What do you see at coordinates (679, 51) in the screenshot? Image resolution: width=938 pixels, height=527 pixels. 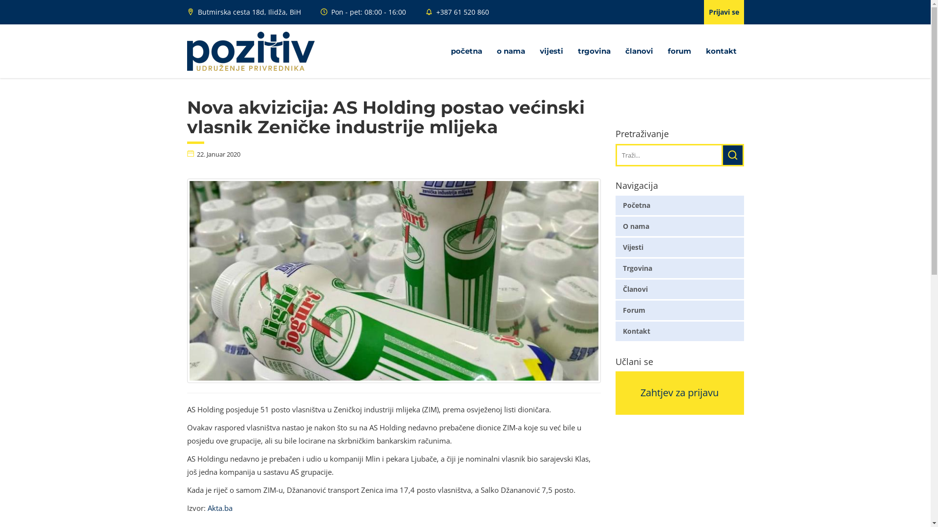 I see `'forum'` at bounding box center [679, 51].